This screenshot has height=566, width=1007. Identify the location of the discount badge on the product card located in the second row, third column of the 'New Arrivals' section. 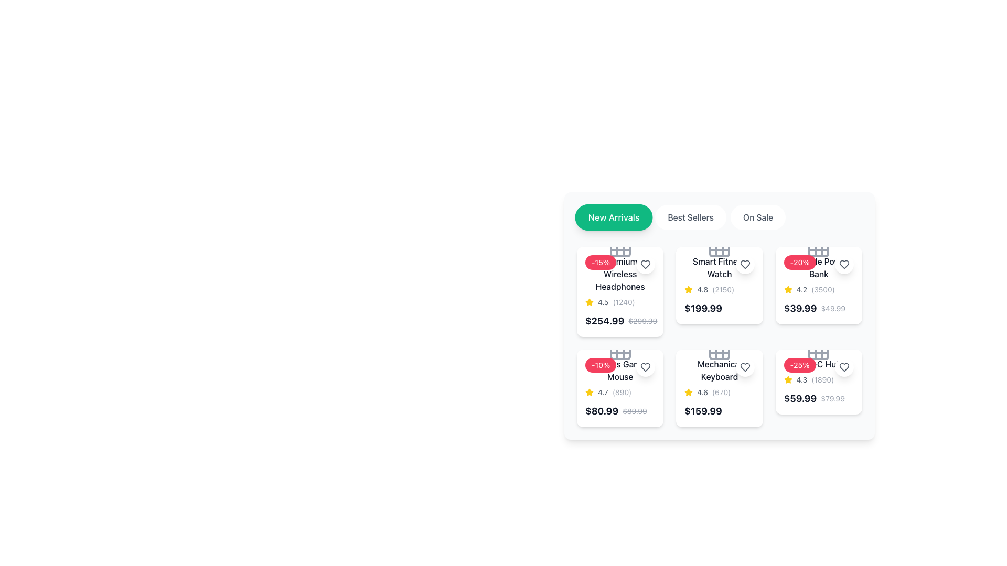
(818, 285).